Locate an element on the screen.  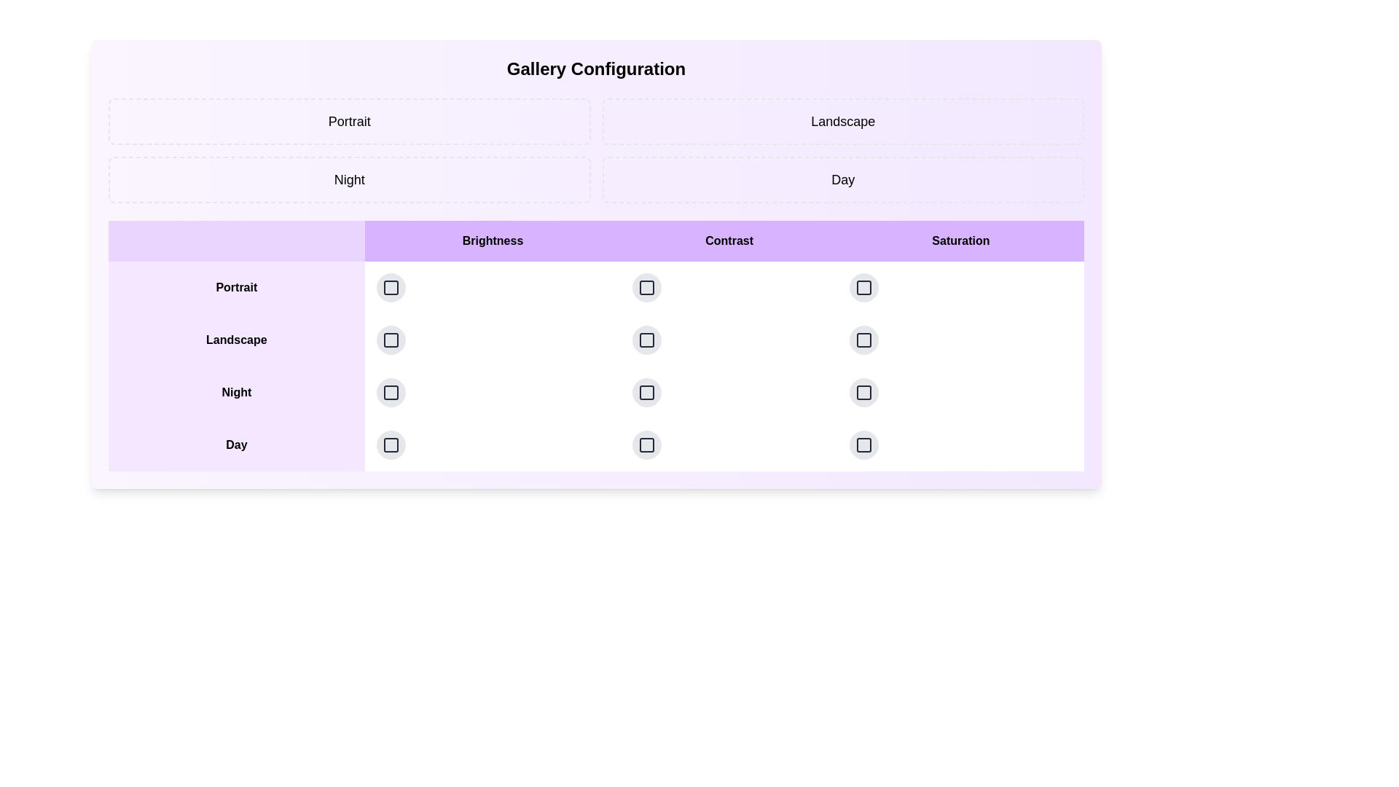
the toggle button for 'Saturation' under the 'Day' category is located at coordinates (863, 392).